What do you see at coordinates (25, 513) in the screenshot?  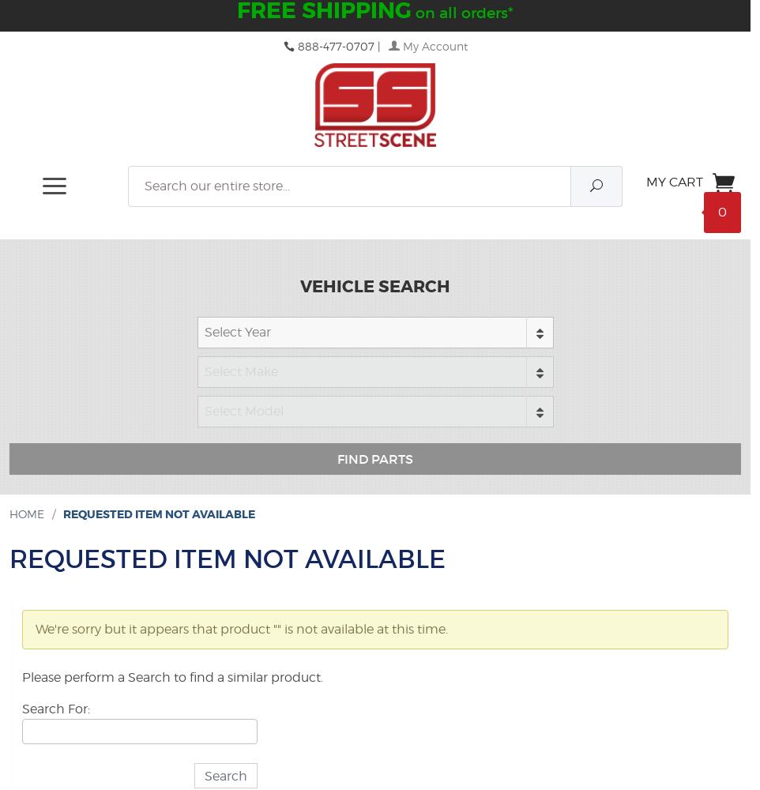 I see `'Home'` at bounding box center [25, 513].